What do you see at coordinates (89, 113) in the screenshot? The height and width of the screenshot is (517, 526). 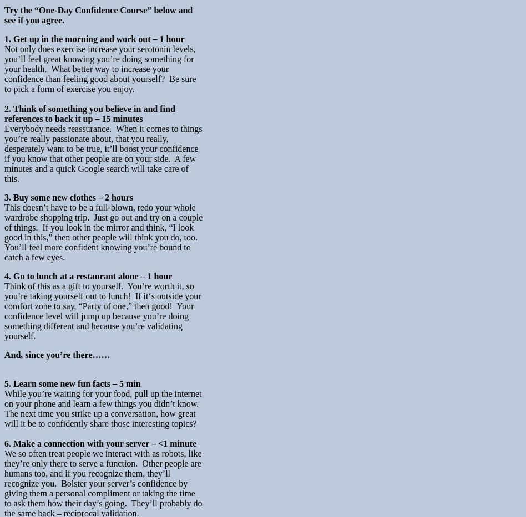 I see `'2. Think of something you believe in and find references to back it up – 15 minutes'` at bounding box center [89, 113].